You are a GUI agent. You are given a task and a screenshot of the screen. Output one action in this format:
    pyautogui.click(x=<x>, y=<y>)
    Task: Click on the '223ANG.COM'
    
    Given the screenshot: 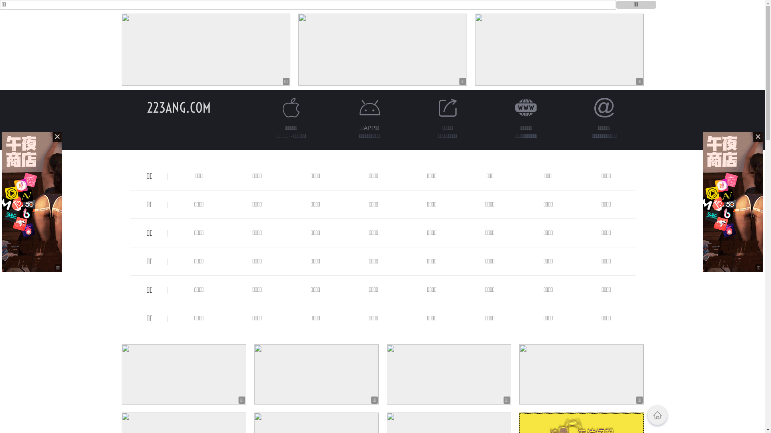 What is the action you would take?
    pyautogui.click(x=178, y=107)
    